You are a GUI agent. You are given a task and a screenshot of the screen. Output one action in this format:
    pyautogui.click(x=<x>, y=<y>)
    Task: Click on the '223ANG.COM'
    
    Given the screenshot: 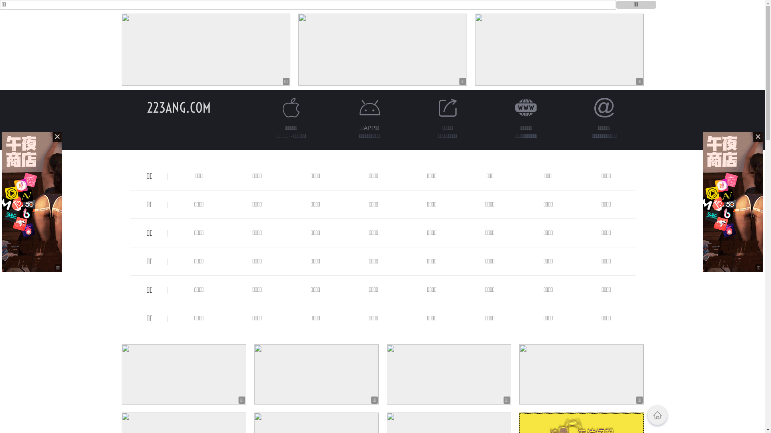 What is the action you would take?
    pyautogui.click(x=178, y=107)
    